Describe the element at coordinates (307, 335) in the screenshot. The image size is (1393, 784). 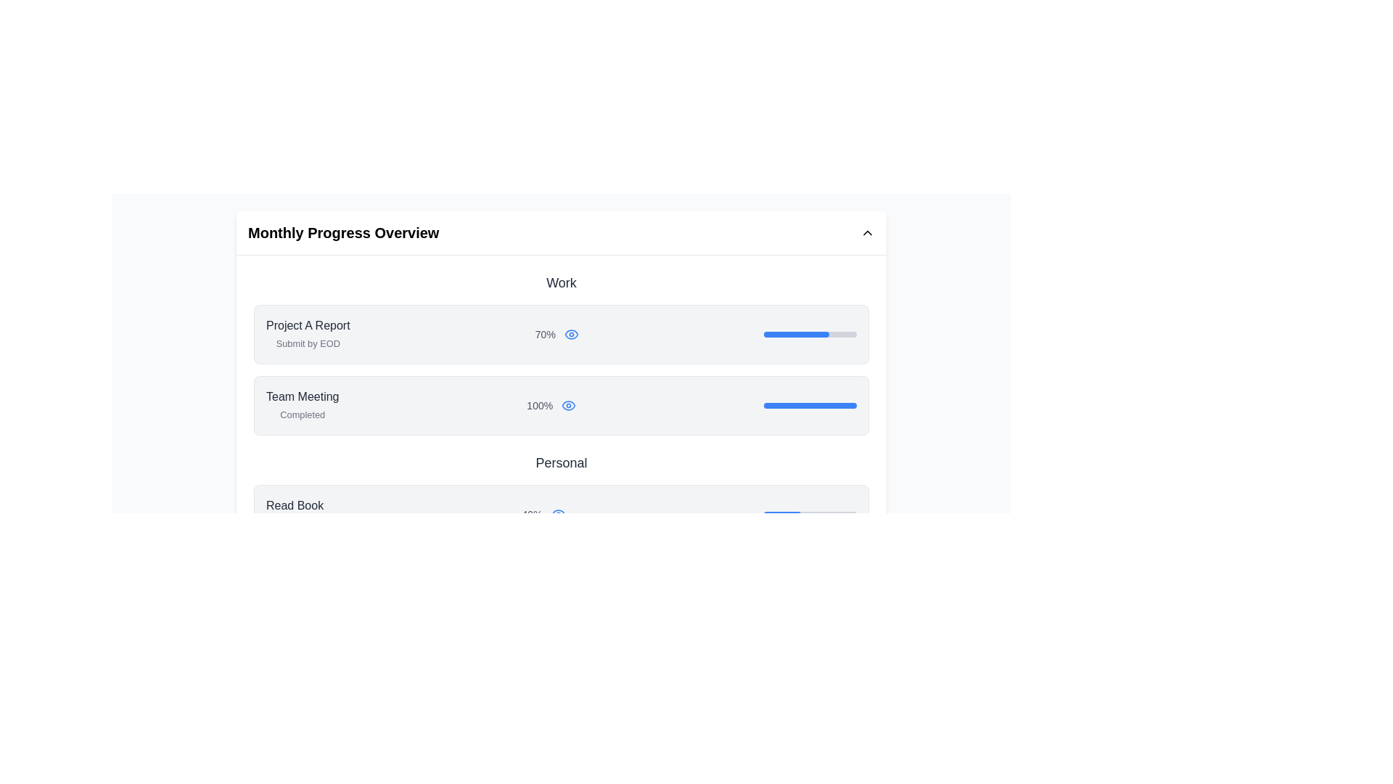
I see `the 'Project A Report' text block located in the top-left region of the first rounded rectangular card under the 'Work' category in the 'Monthly Progress Overview' section` at that location.